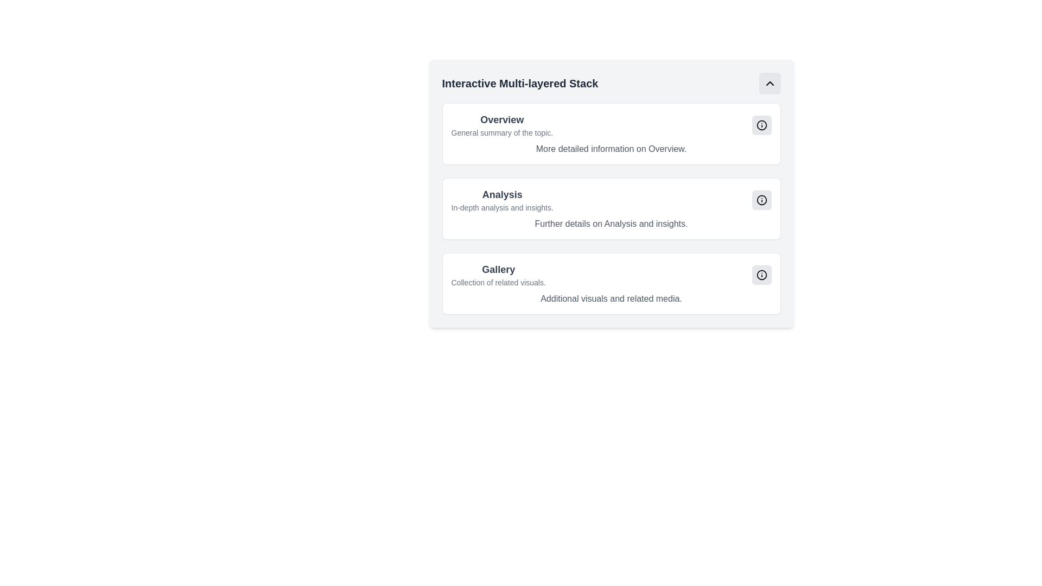  Describe the element at coordinates (761, 125) in the screenshot. I see `the circular icon button with an 'i' symbol located to the right of the 'Overview' section title` at that location.